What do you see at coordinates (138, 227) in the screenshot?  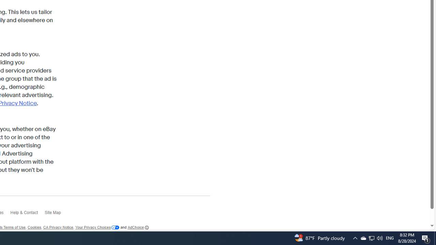 I see `'AdChoice'` at bounding box center [138, 227].